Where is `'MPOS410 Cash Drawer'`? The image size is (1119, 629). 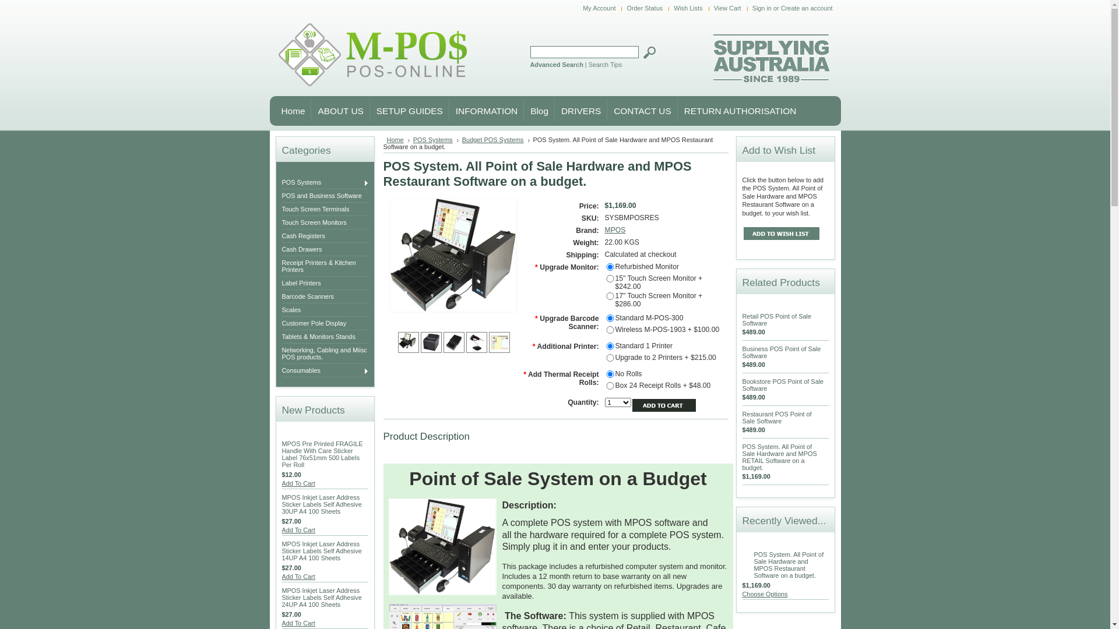
'MPOS410 Cash Drawer' is located at coordinates (453, 341).